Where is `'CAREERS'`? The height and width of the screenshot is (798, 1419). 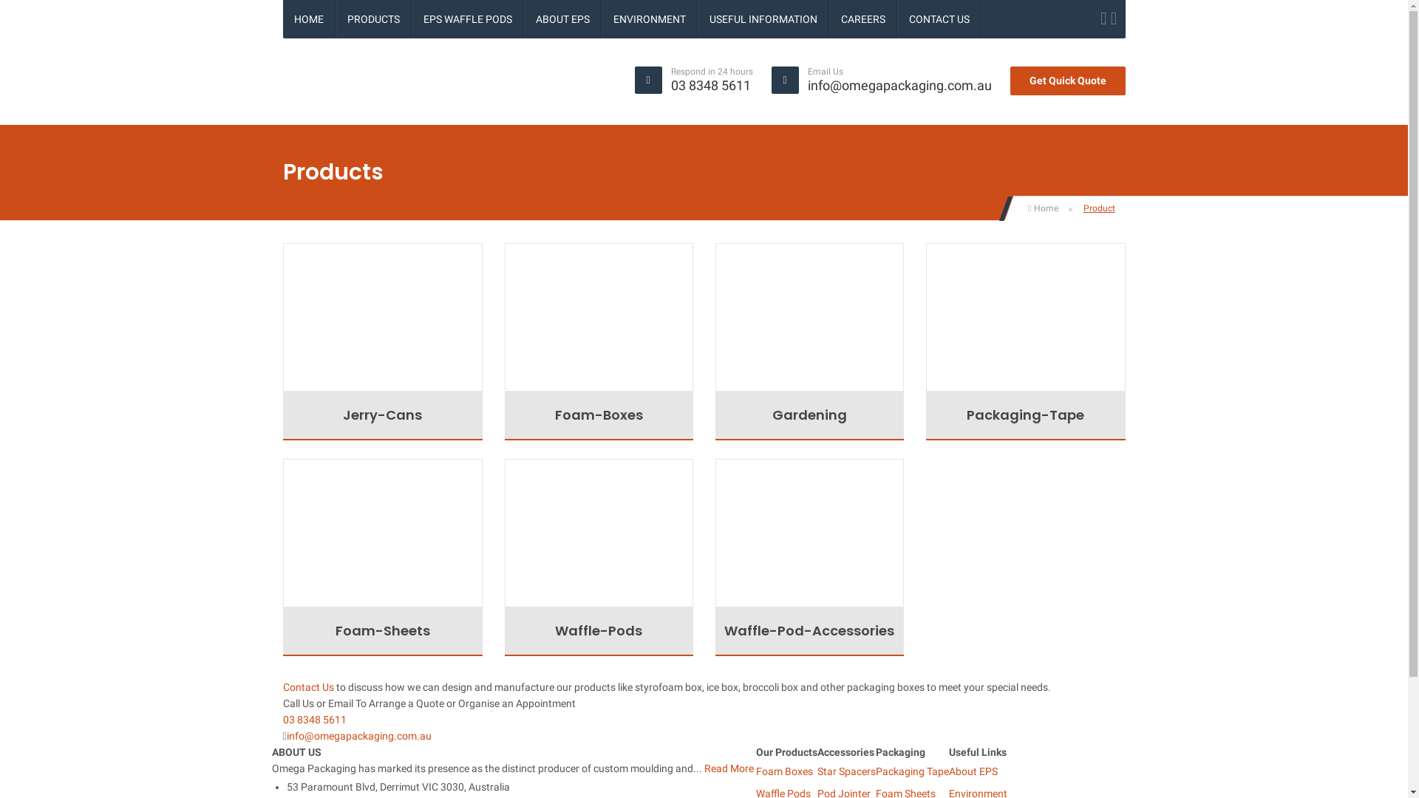
'CAREERS' is located at coordinates (862, 19).